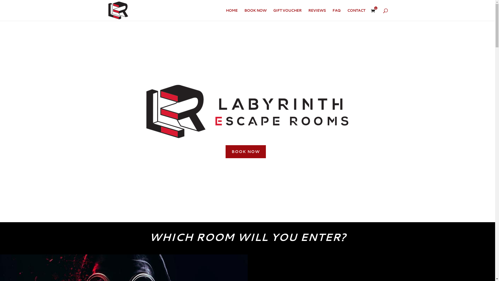 The image size is (499, 281). What do you see at coordinates (317, 14) in the screenshot?
I see `'REVIEWS'` at bounding box center [317, 14].